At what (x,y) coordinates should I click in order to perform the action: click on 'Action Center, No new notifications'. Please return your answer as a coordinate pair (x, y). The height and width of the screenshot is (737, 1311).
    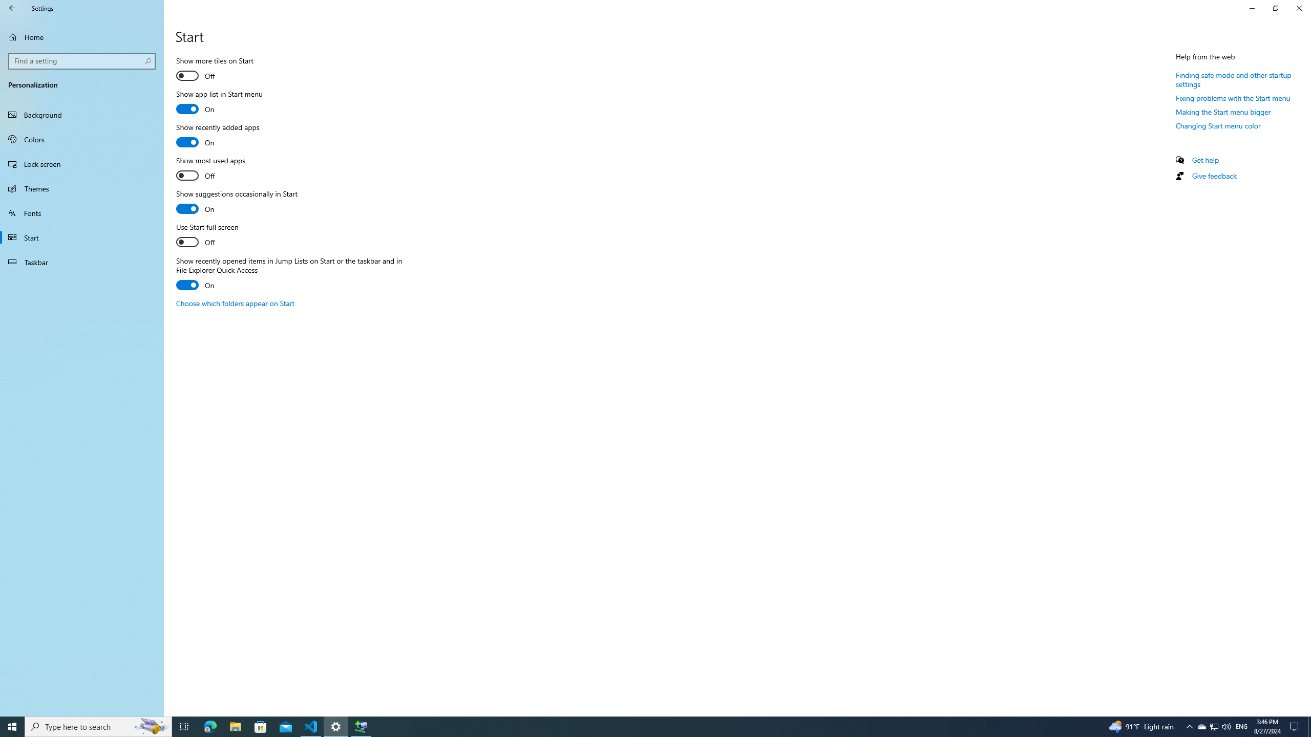
    Looking at the image, I should click on (1296, 726).